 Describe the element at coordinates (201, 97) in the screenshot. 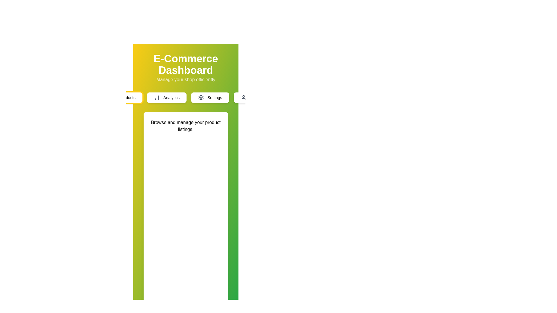

I see `the gray gear-shaped icon representing the settings option located to the left of the 'Settings' text label in the horizontal navigation bar` at that location.